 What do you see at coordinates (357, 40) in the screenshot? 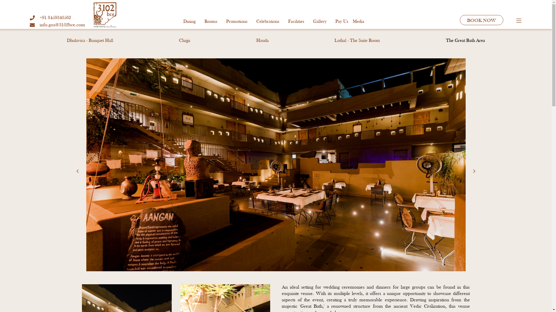
I see `'Lothal - The Suite Room'` at bounding box center [357, 40].